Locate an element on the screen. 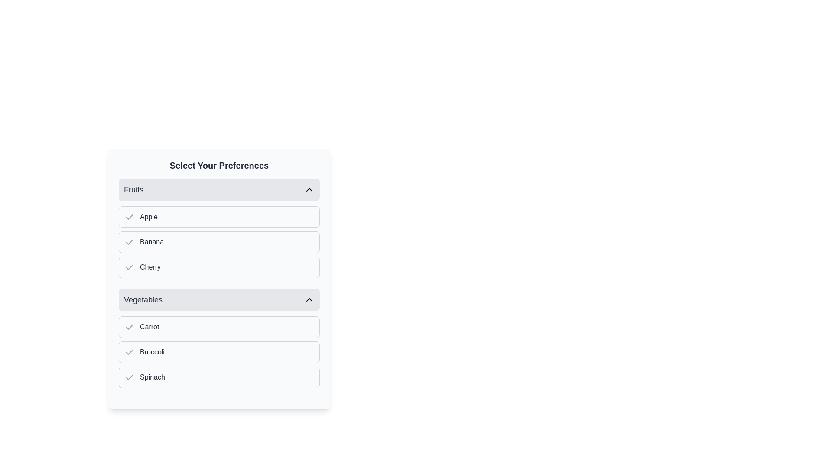 Image resolution: width=832 pixels, height=468 pixels. the 'Vegetables' section title text label, which identifies items like 'Carrot,' 'Broccoli,' and 'Spinach.' is located at coordinates (143, 299).